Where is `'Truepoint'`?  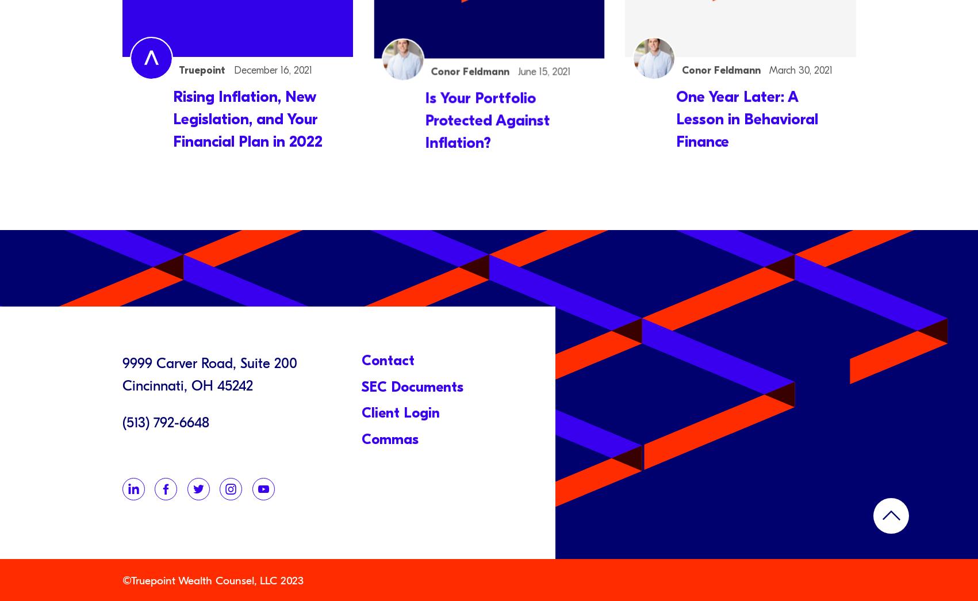
'Truepoint' is located at coordinates (203, 69).